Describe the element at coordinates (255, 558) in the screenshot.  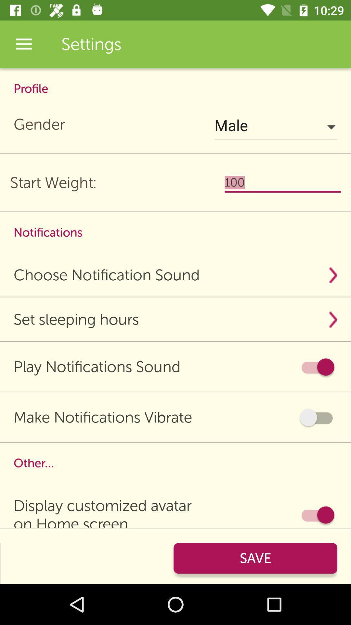
I see `save item` at that location.